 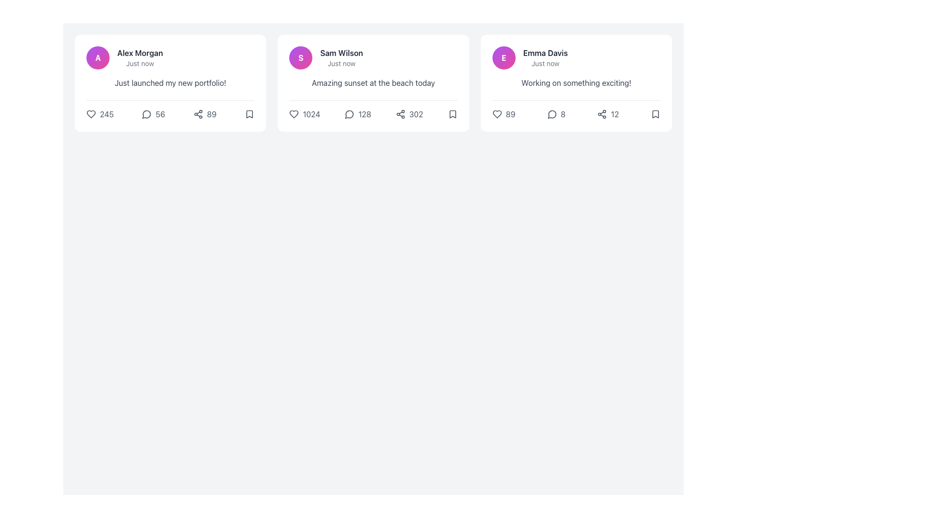 I want to click on the numeral '245' displayed in medium gray, which is positioned to the right of a heart icon in the bottom horizontal group of the first post card, so click(x=107, y=113).